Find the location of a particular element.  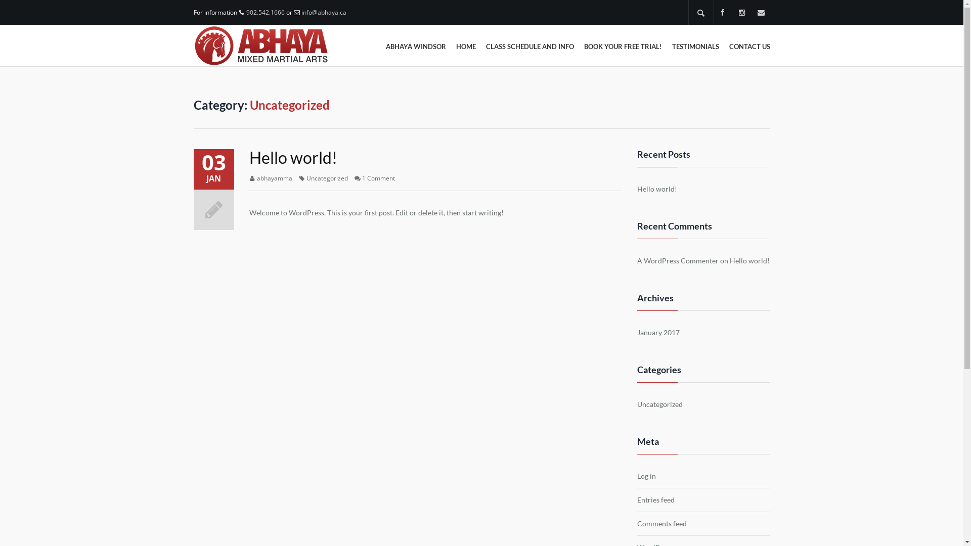

'info@abhaya.ca' is located at coordinates (300, 12).